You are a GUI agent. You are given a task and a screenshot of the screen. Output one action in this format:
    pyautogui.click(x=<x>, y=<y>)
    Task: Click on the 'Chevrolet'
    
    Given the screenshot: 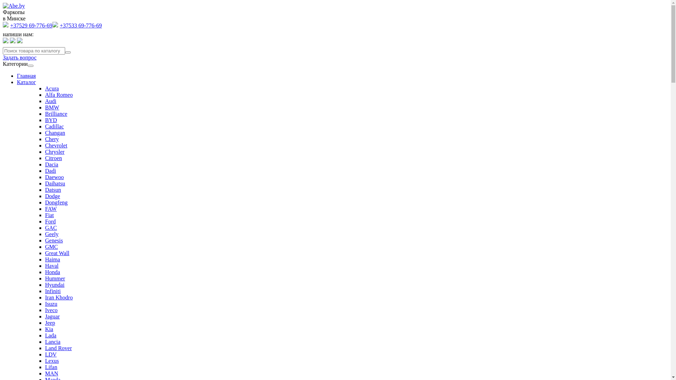 What is the action you would take?
    pyautogui.click(x=56, y=145)
    